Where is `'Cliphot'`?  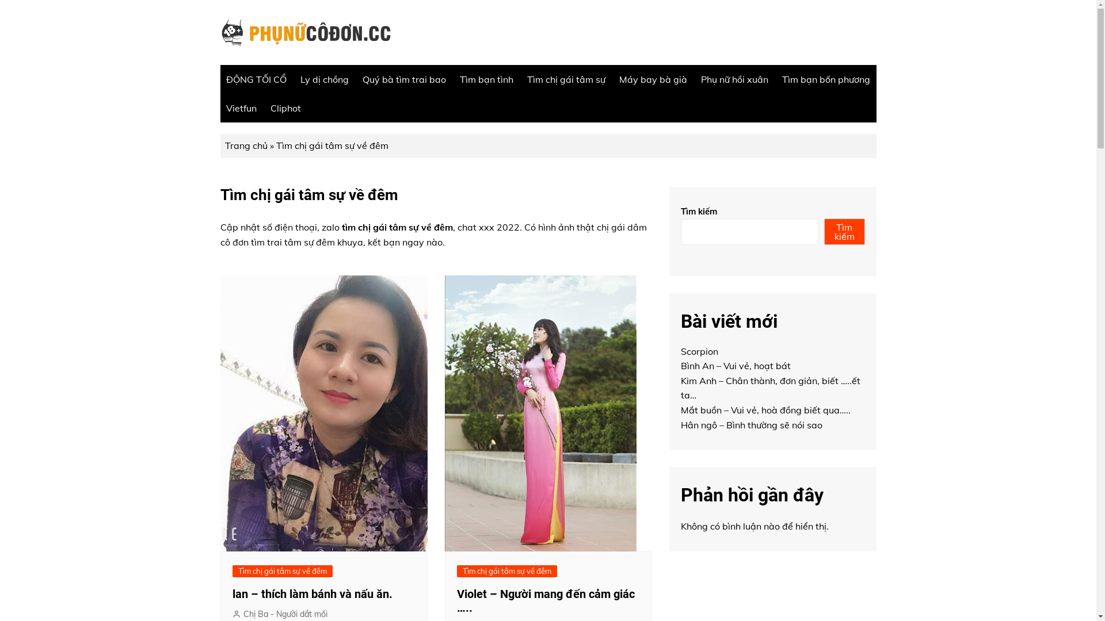
'Cliphot' is located at coordinates (285, 108).